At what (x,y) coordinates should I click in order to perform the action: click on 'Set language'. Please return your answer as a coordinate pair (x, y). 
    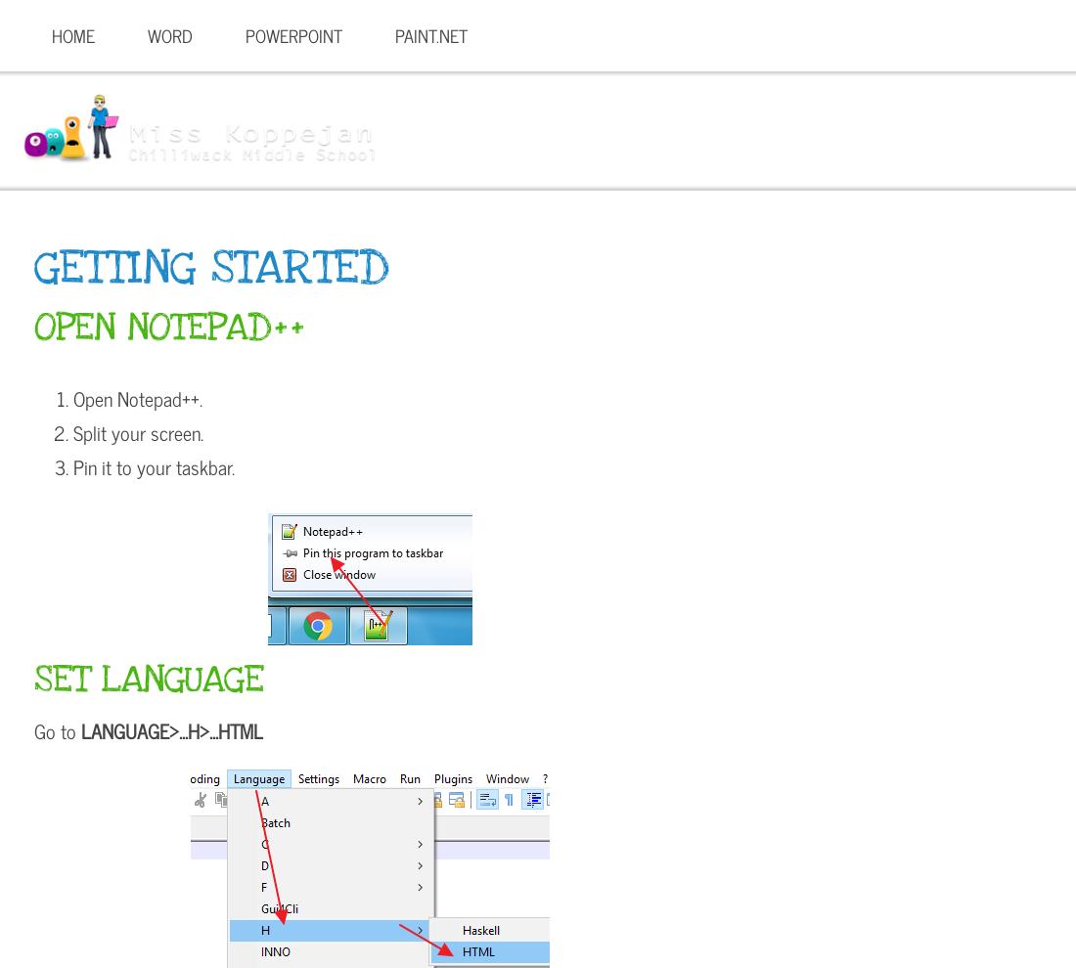
    Looking at the image, I should click on (148, 678).